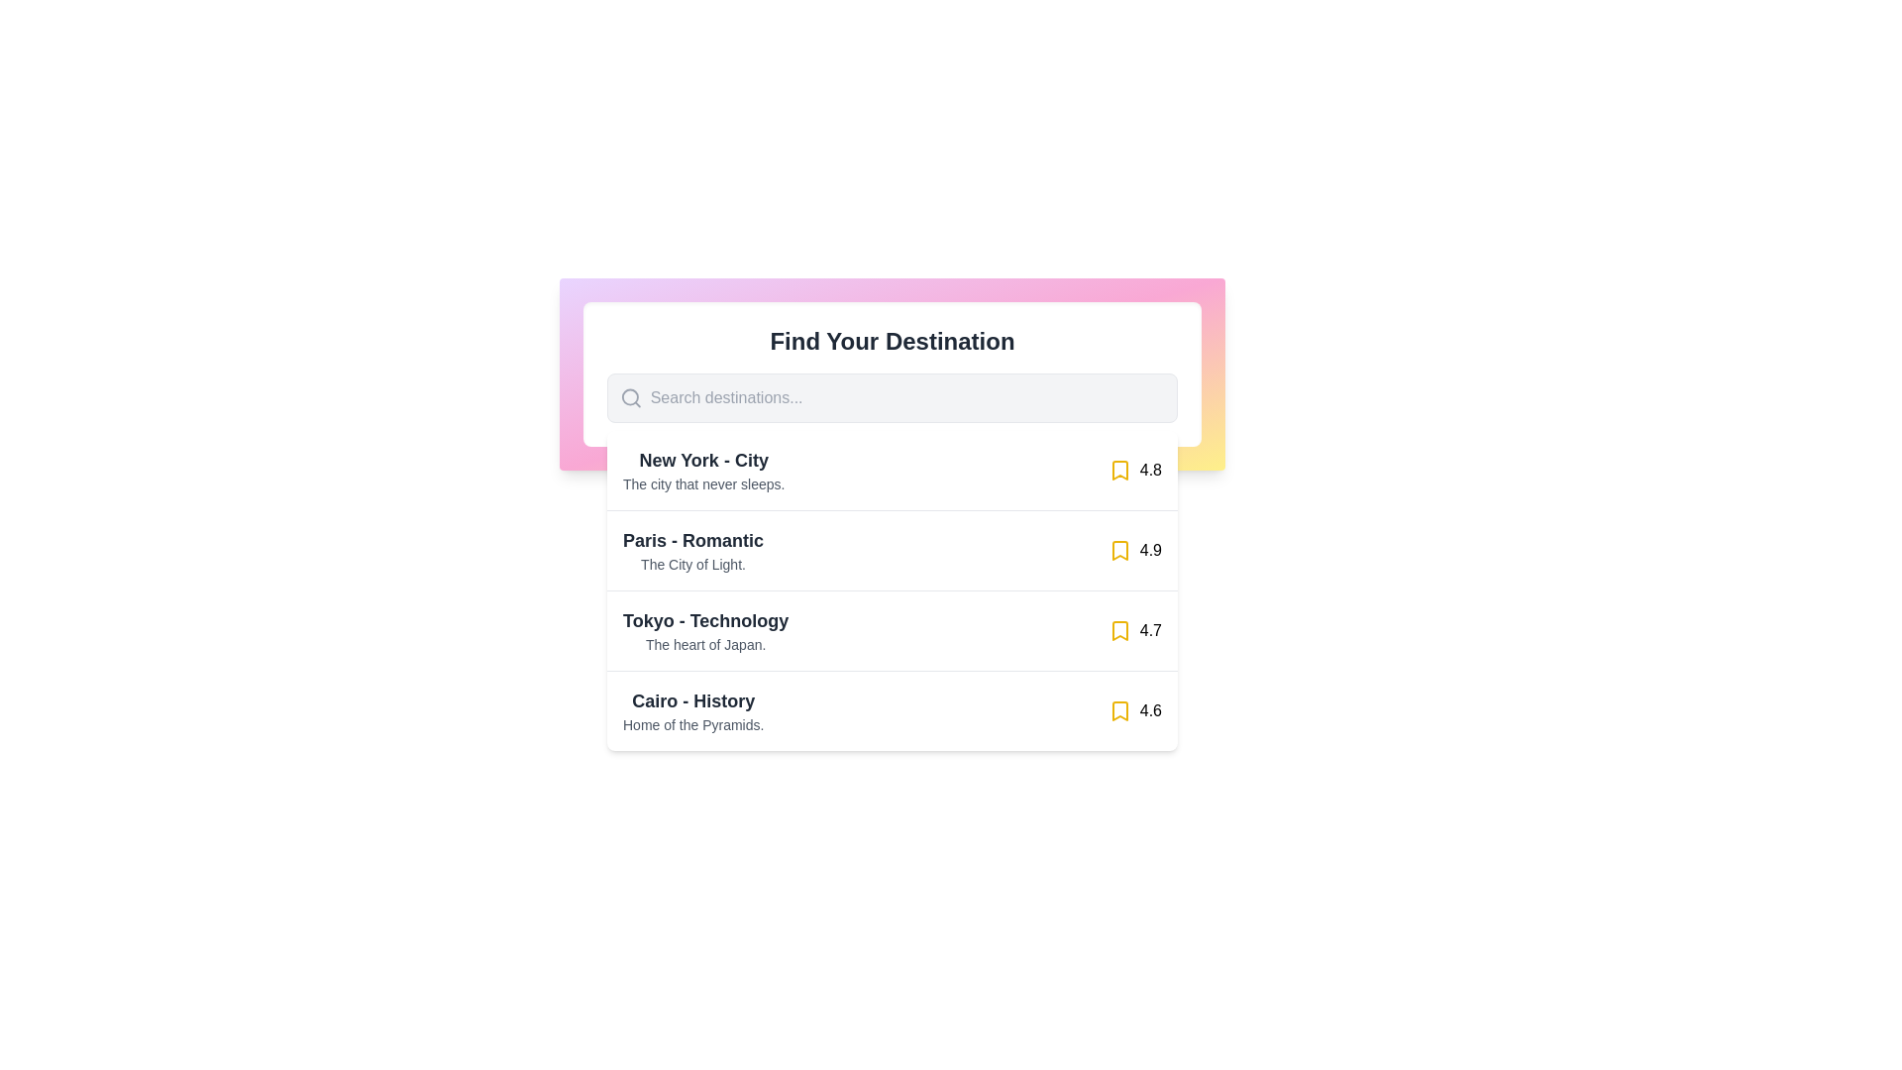 This screenshot has height=1070, width=1902. Describe the element at coordinates (1134, 550) in the screenshot. I see `numerical display element showing '4.9' next to a yellow bookmark icon, located in the second row under 'Paris - Romantic'` at that location.